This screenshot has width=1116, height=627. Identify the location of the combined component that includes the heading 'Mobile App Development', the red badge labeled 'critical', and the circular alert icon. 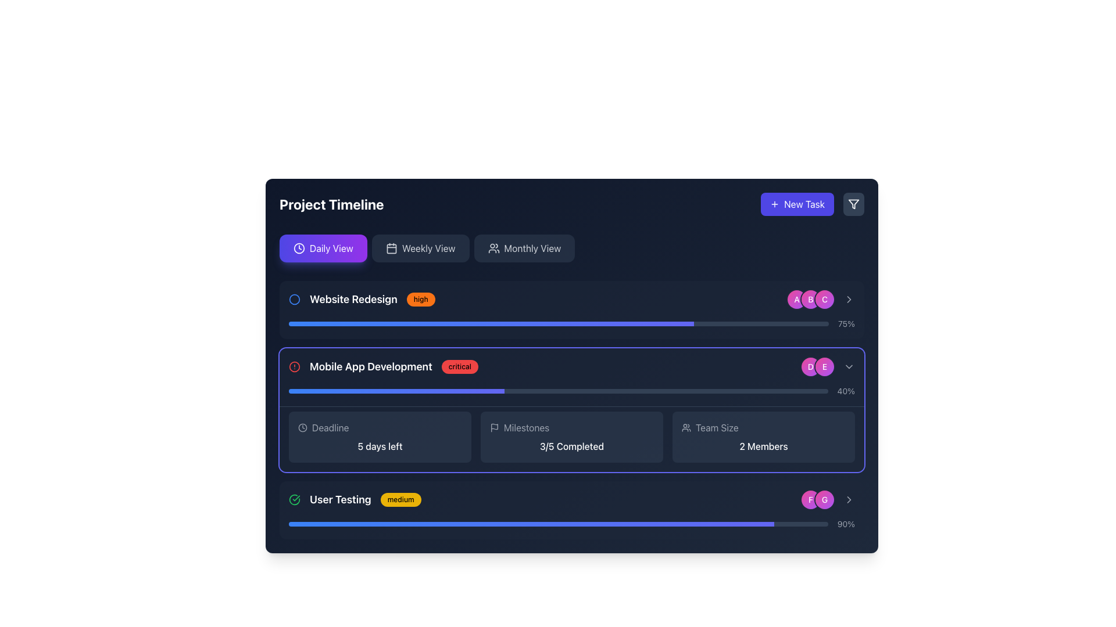
(384, 367).